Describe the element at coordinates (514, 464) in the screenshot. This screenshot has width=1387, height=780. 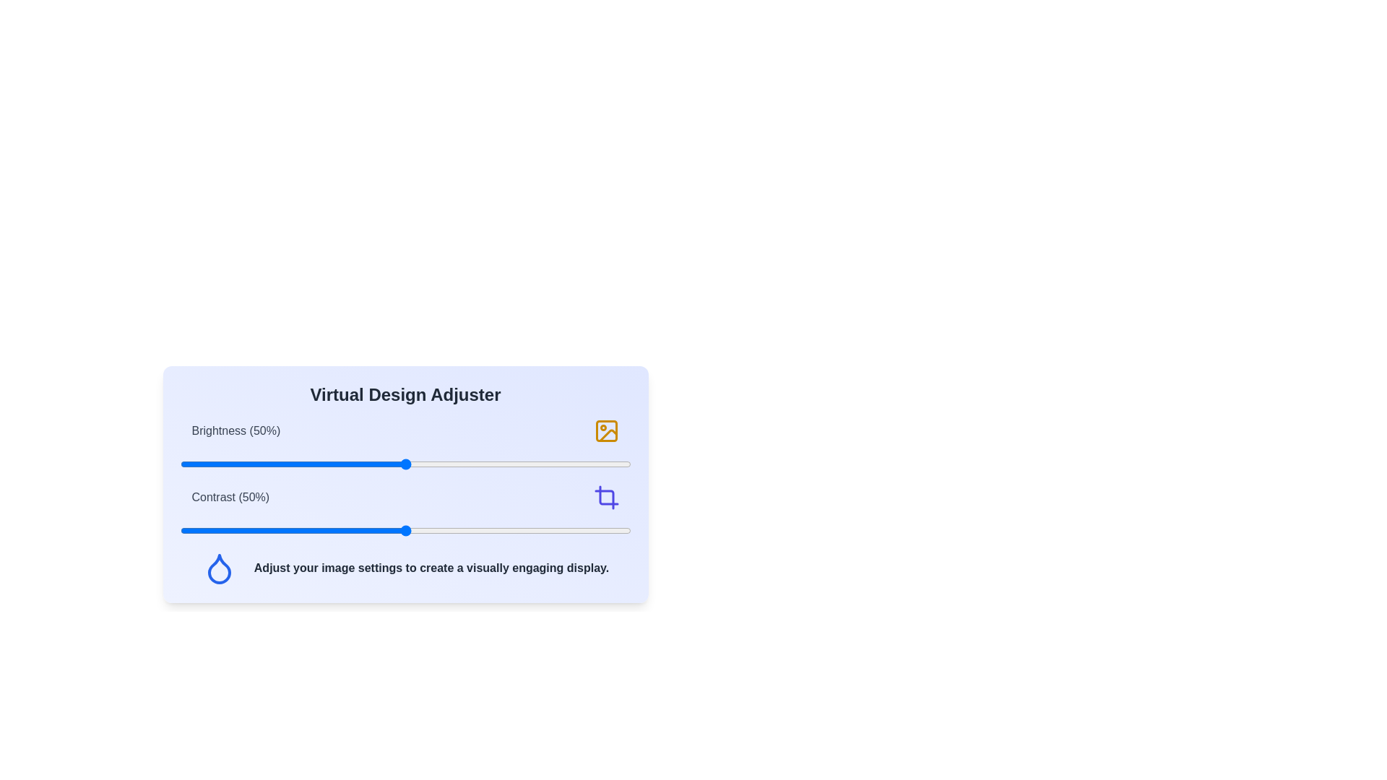
I see `the brightness slider to 74%` at that location.